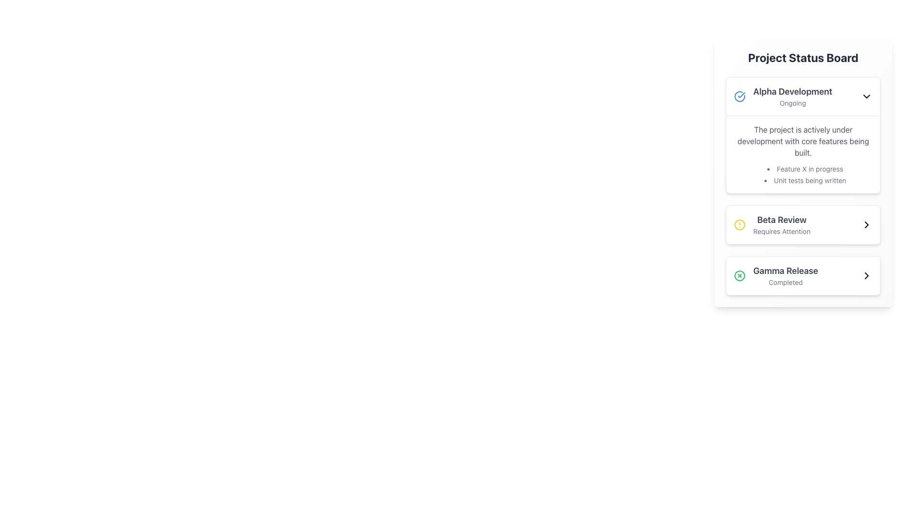 The height and width of the screenshot is (519, 923). Describe the element at coordinates (776, 276) in the screenshot. I see `the Text label indicating the current status of the 'Gamma Release' project, located in the 'Gamma Release' section of the 'Project Status Board'` at that location.